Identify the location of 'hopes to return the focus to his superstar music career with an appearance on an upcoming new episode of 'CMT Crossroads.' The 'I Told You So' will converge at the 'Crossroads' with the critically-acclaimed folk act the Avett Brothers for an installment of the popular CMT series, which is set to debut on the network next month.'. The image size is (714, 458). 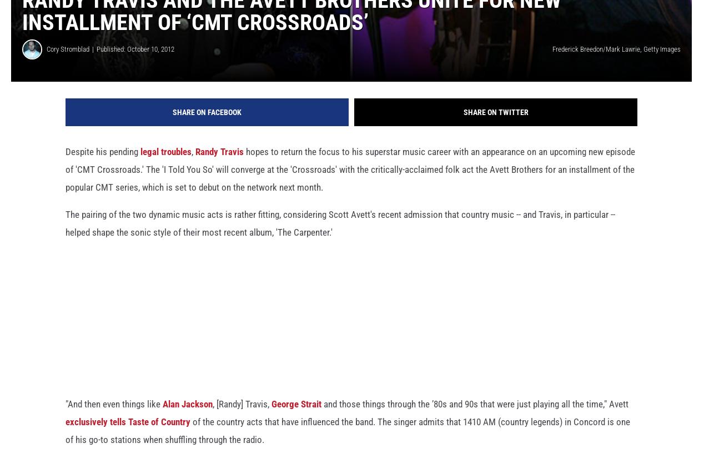
(66, 180).